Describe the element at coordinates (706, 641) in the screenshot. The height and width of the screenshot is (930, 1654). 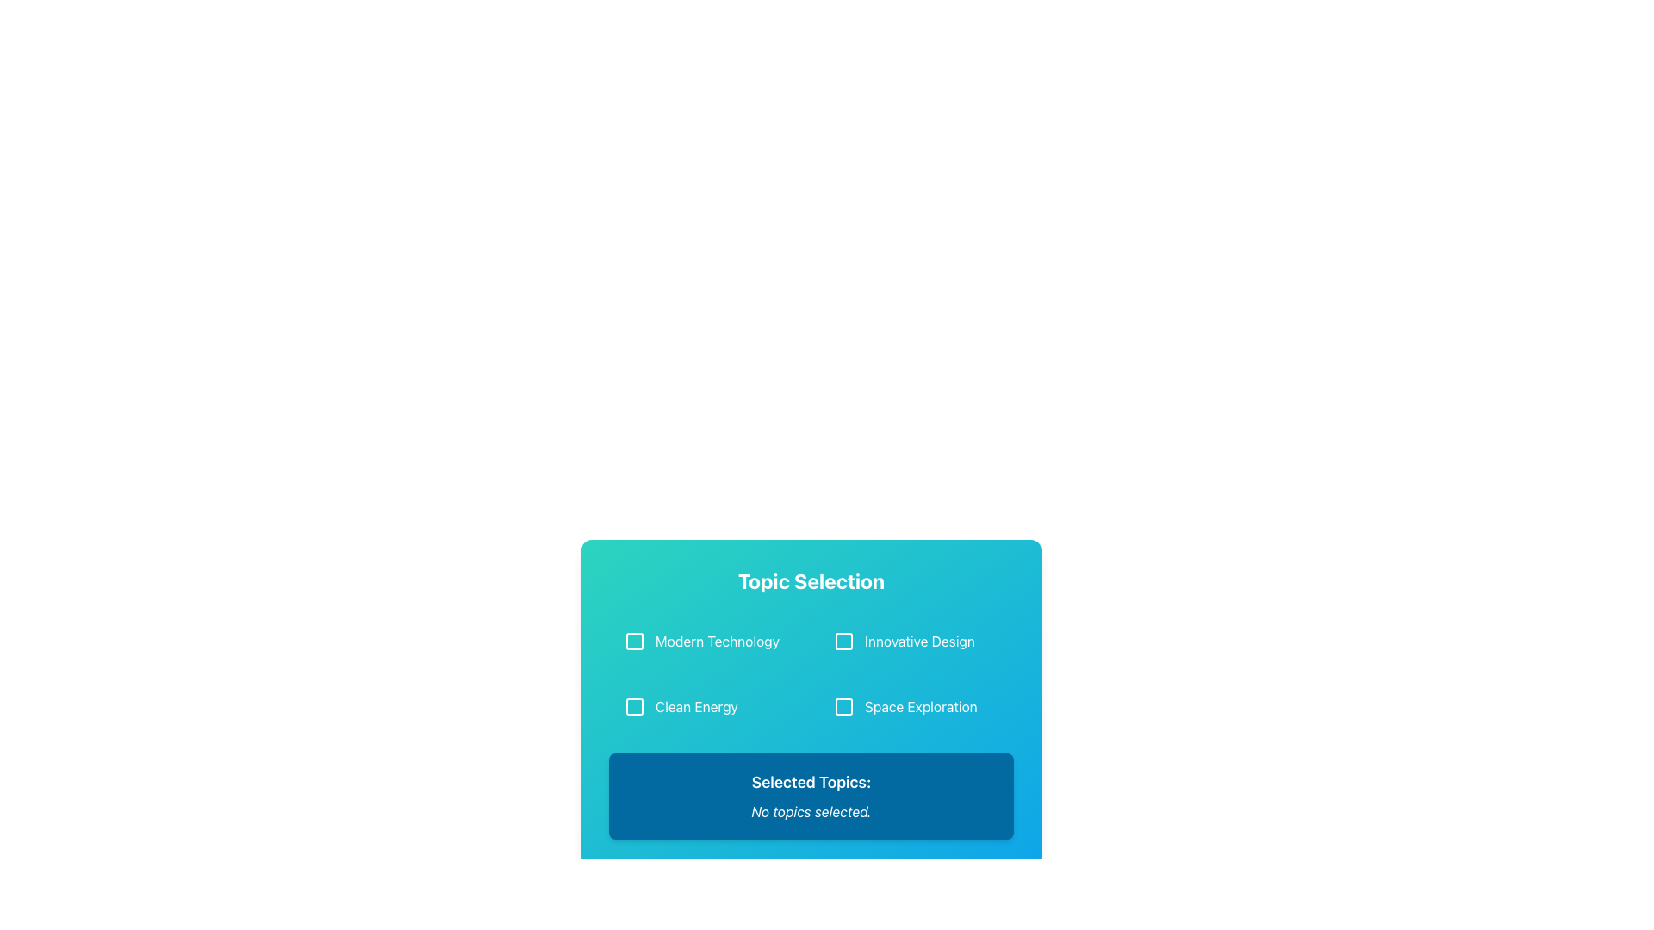
I see `the checkbox labeled 'Modern Technology'` at that location.